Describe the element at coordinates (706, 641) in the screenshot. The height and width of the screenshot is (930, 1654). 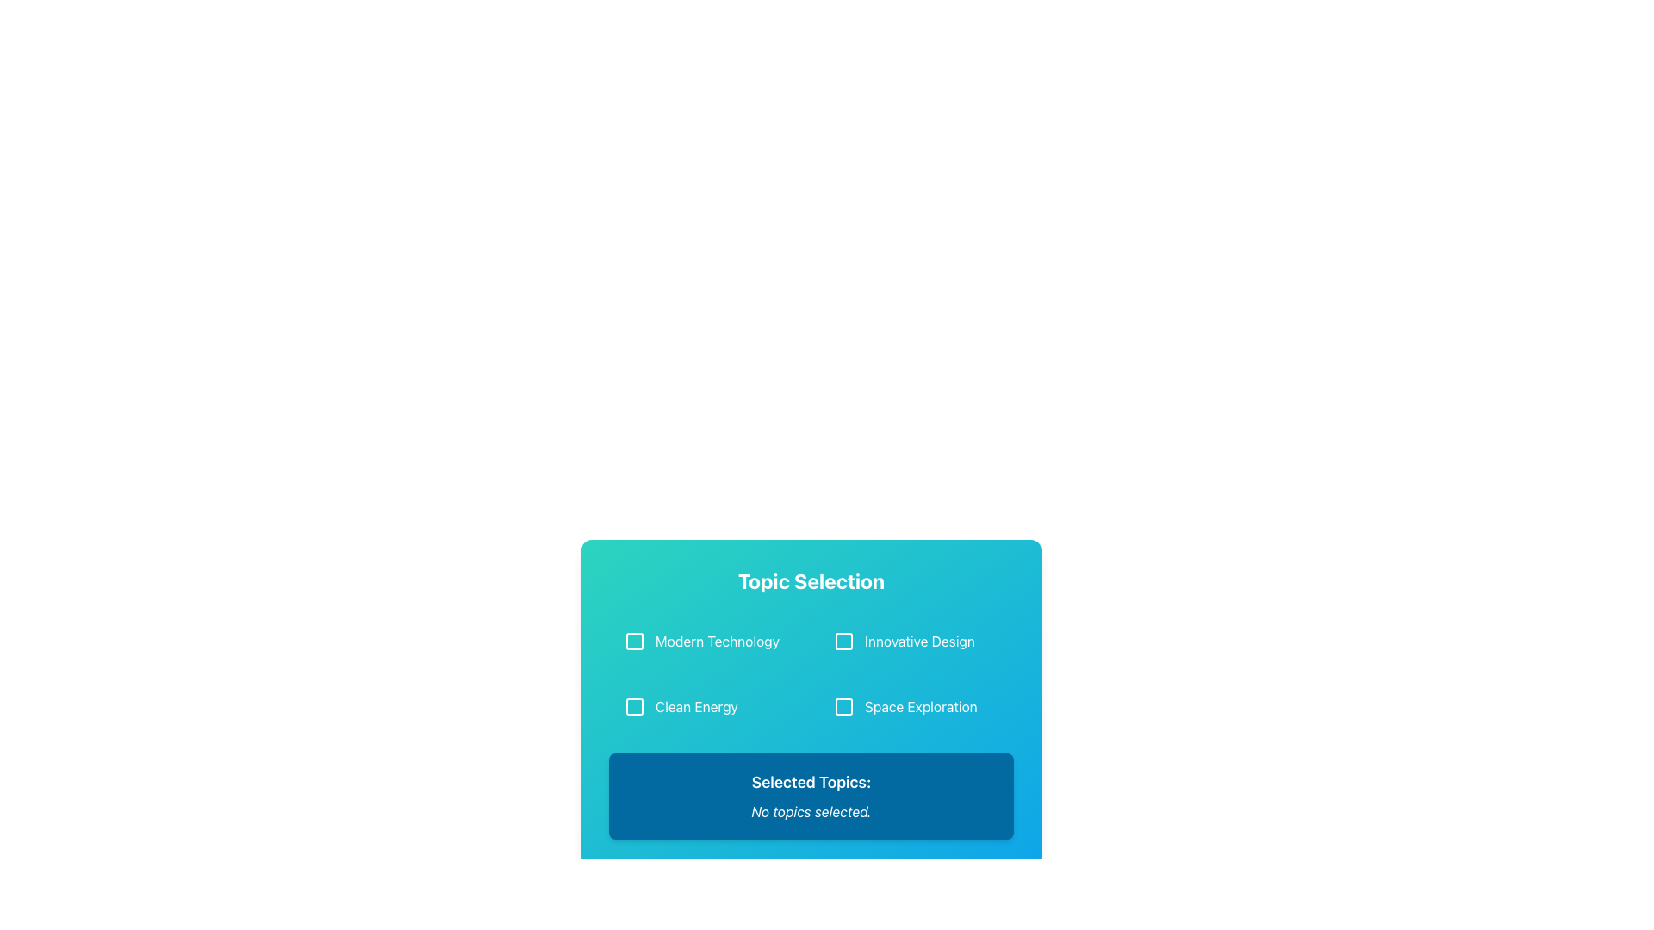
I see `the checkbox labeled 'Modern Technology'` at that location.